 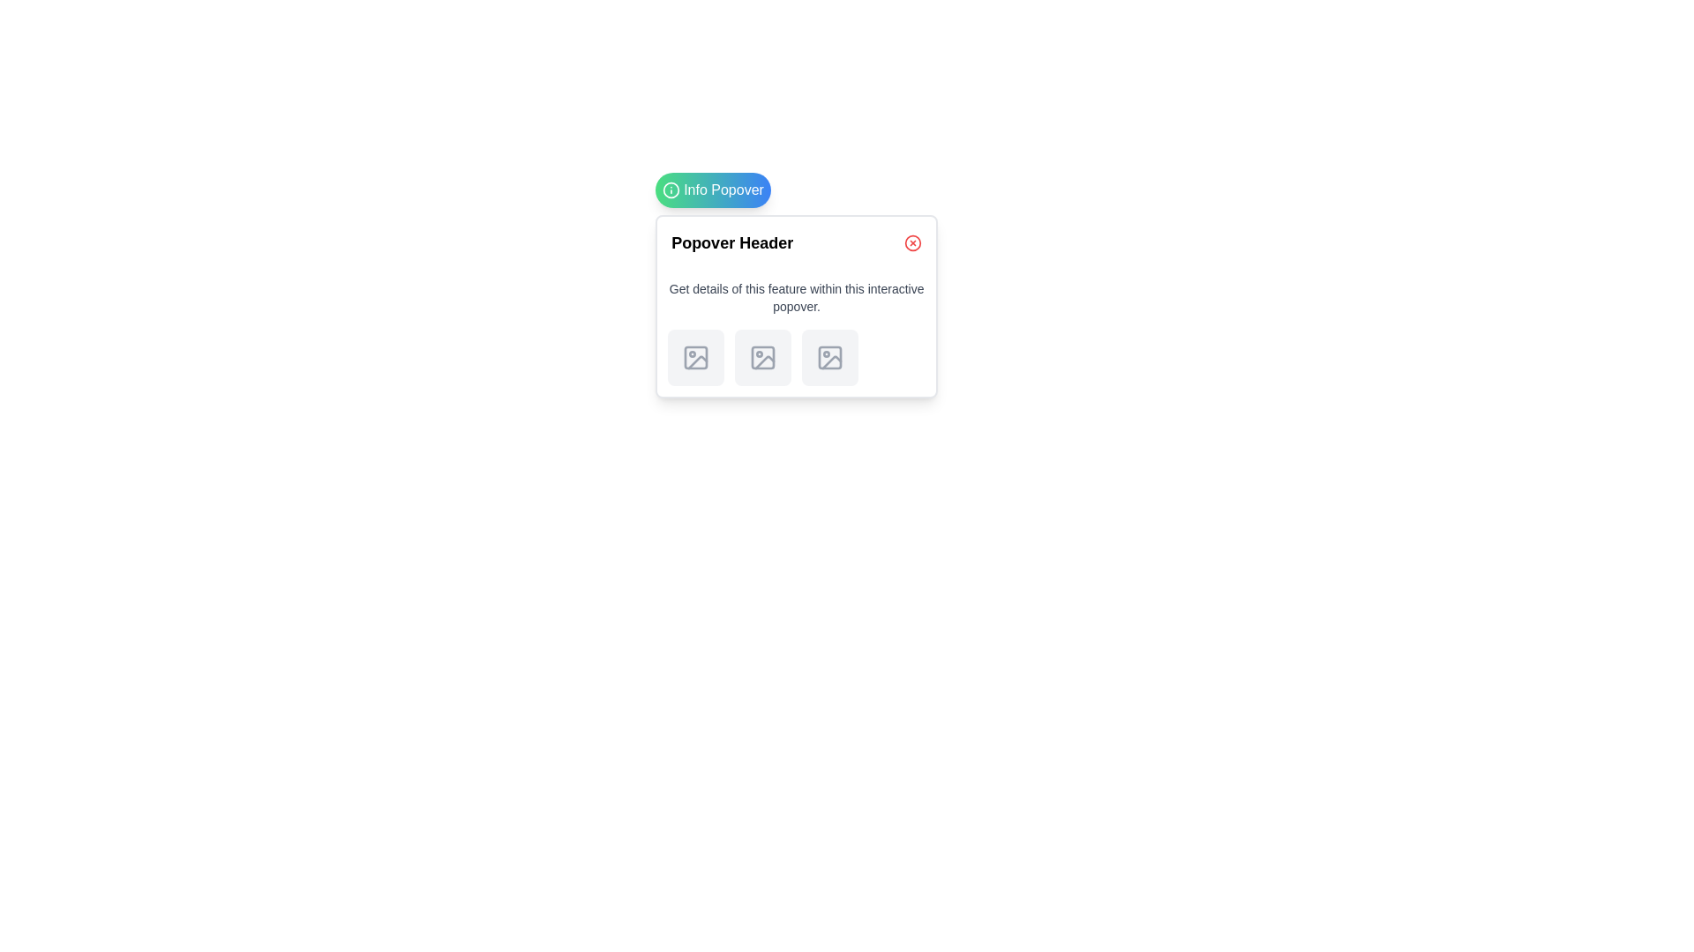 What do you see at coordinates (713, 190) in the screenshot?
I see `the 'Info Popover' button, which is a pill-shaped UI component with a gradient background and an information icon, located at the top-left corner of the popover box` at bounding box center [713, 190].